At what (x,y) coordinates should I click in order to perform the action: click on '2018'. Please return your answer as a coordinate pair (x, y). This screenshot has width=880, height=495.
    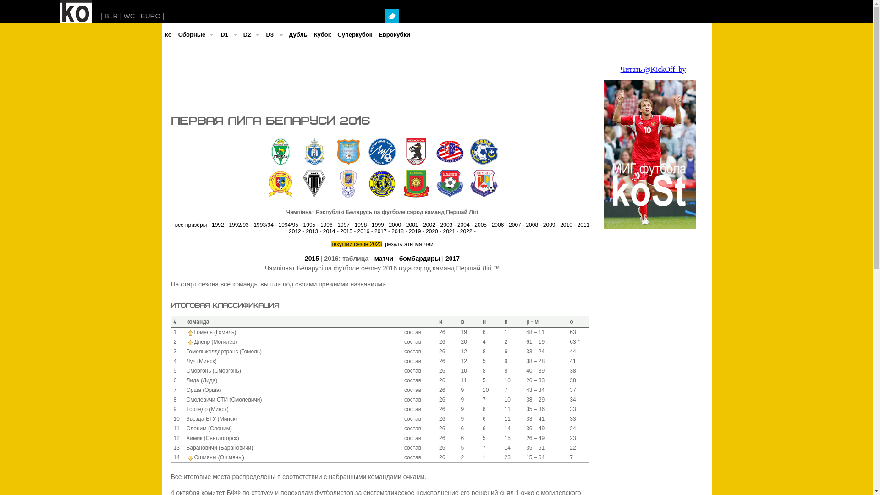
    Looking at the image, I should click on (397, 231).